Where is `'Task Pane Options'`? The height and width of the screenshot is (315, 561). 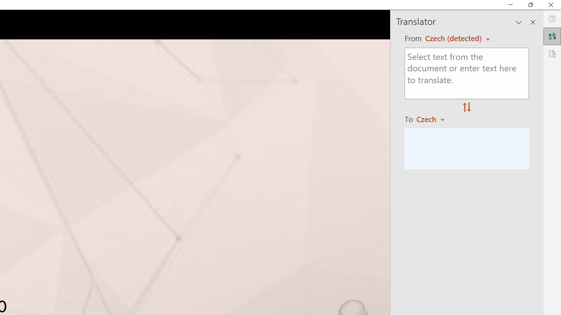 'Task Pane Options' is located at coordinates (519, 22).